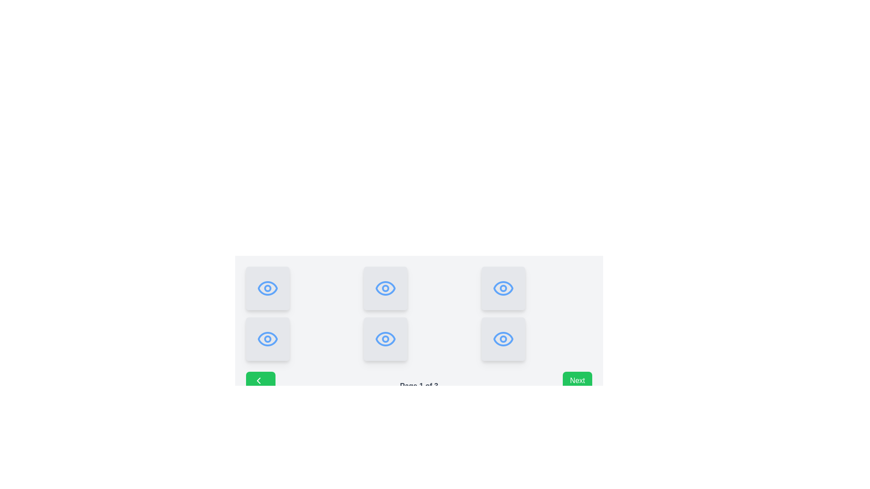  I want to click on the outer elliptical shape of the eye symbol located in the second column of the second row within a 2x3 grid layout of eye icons, so click(385, 288).